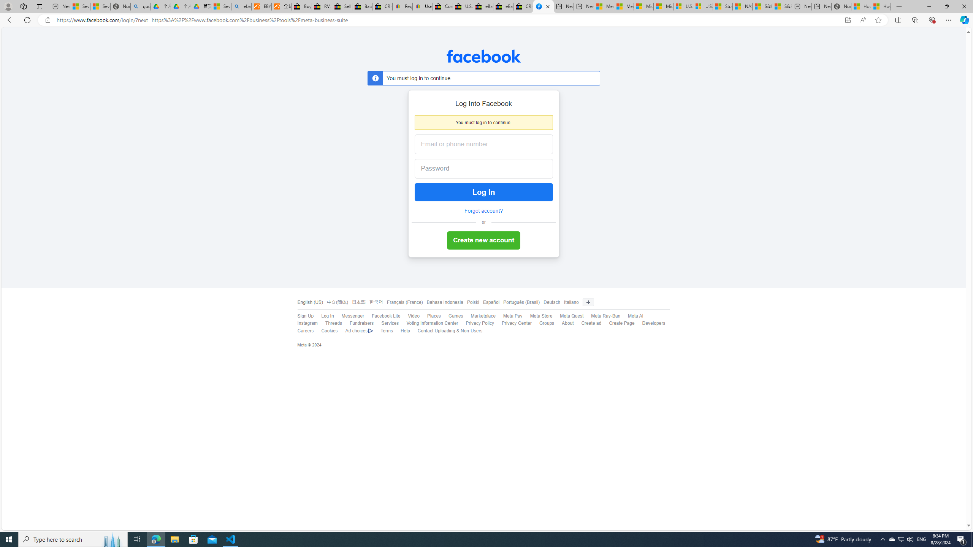 The width and height of the screenshot is (973, 547). What do you see at coordinates (446, 330) in the screenshot?
I see `'Contact Uploading & Non-Users'` at bounding box center [446, 330].